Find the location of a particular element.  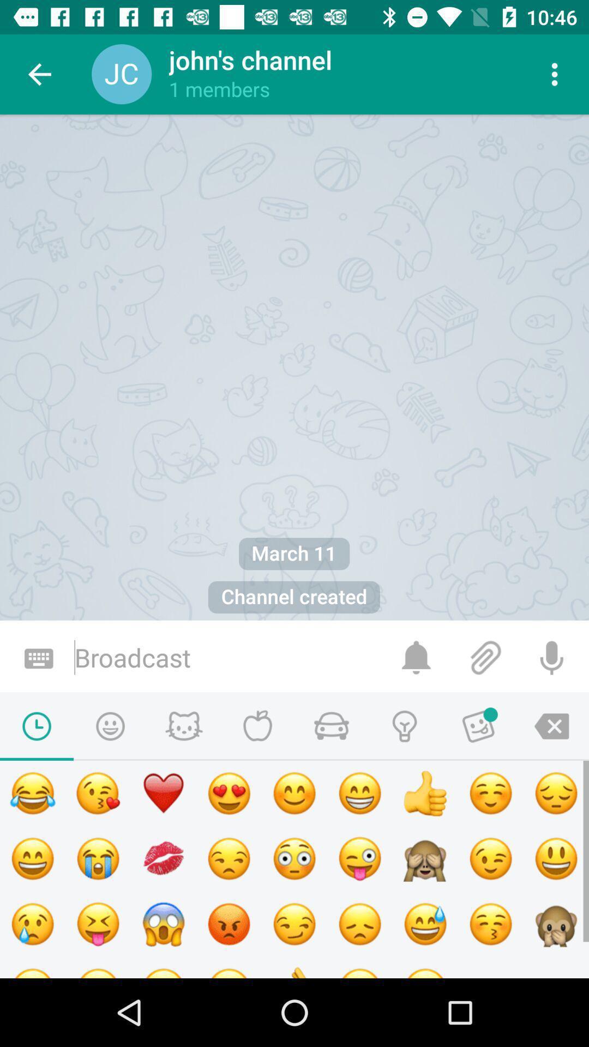

the email icon is located at coordinates (98, 923).